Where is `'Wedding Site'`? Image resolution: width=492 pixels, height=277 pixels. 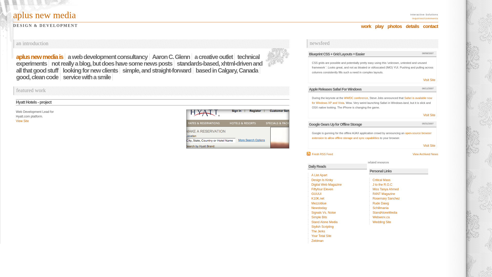
'Wedding Site' is located at coordinates (398, 222).